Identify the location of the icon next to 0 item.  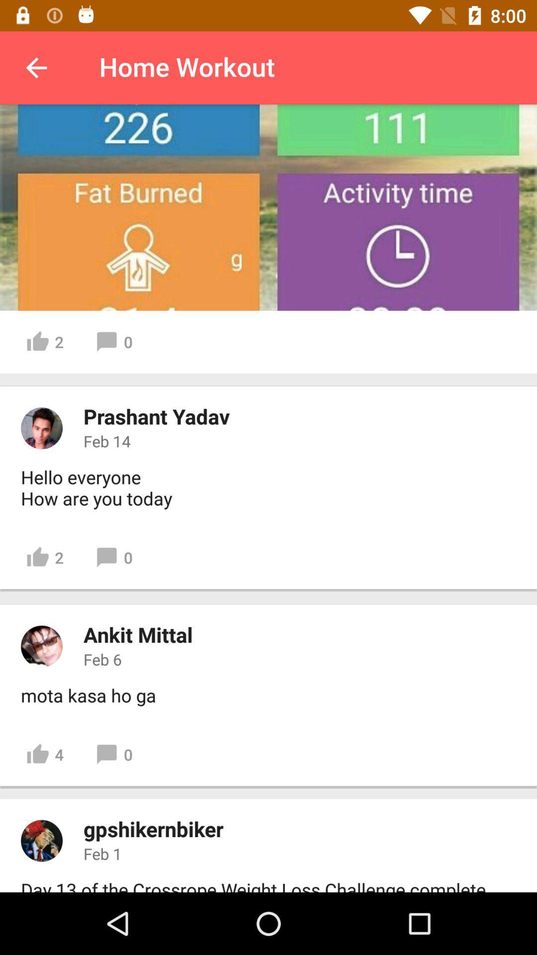
(45, 755).